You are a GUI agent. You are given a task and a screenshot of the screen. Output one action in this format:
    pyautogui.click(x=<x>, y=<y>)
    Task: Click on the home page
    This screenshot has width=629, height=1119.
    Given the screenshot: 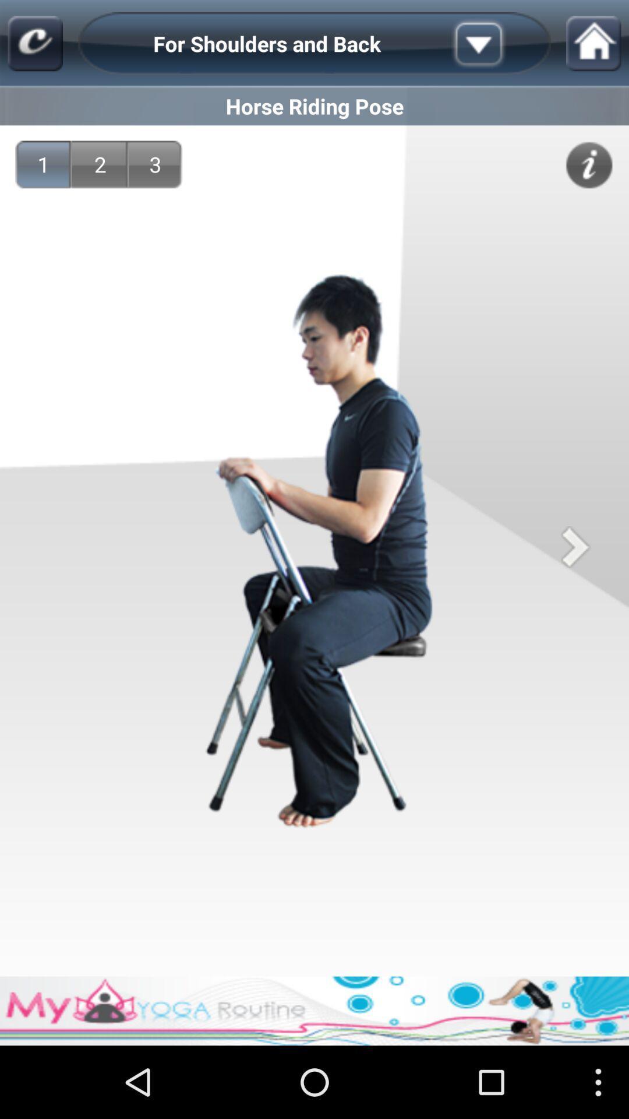 What is the action you would take?
    pyautogui.click(x=34, y=44)
    